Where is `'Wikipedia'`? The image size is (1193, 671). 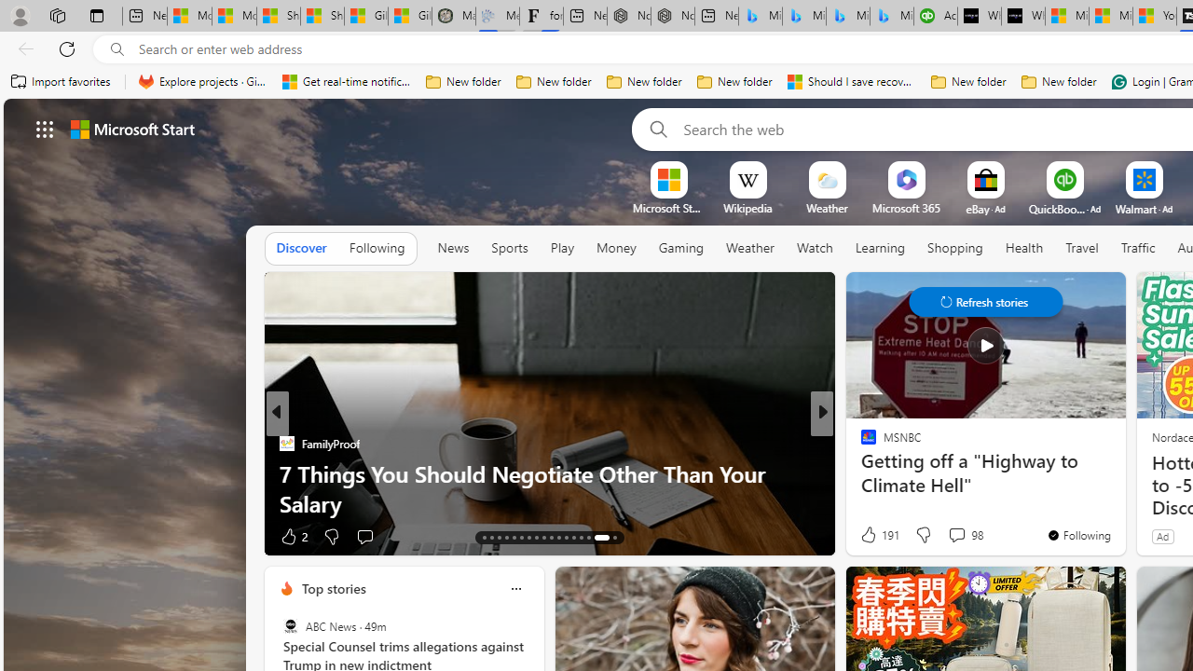 'Wikipedia' is located at coordinates (747, 208).